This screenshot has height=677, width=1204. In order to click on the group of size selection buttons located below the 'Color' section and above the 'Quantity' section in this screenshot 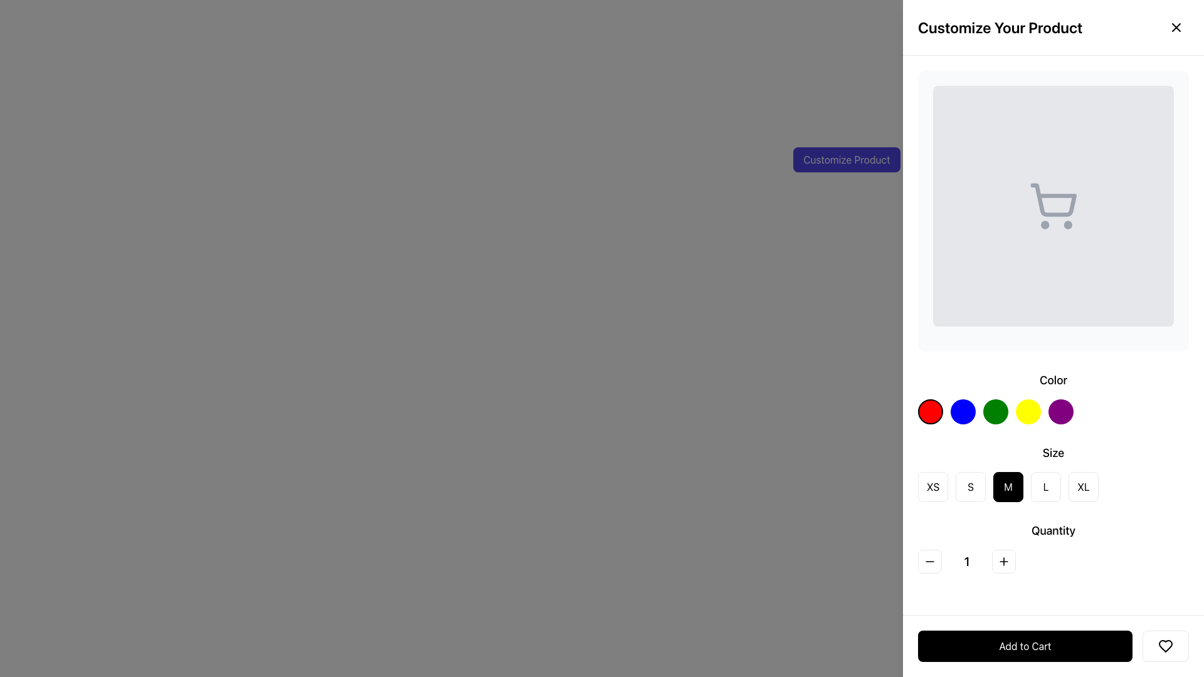, I will do `click(1053, 473)`.